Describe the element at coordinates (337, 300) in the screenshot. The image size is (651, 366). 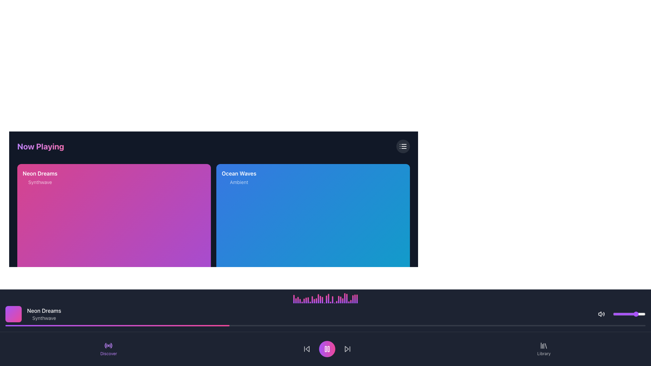
I see `the 22nd graphical bar in the horizontal row, which represents a value in an audio visualization` at that location.